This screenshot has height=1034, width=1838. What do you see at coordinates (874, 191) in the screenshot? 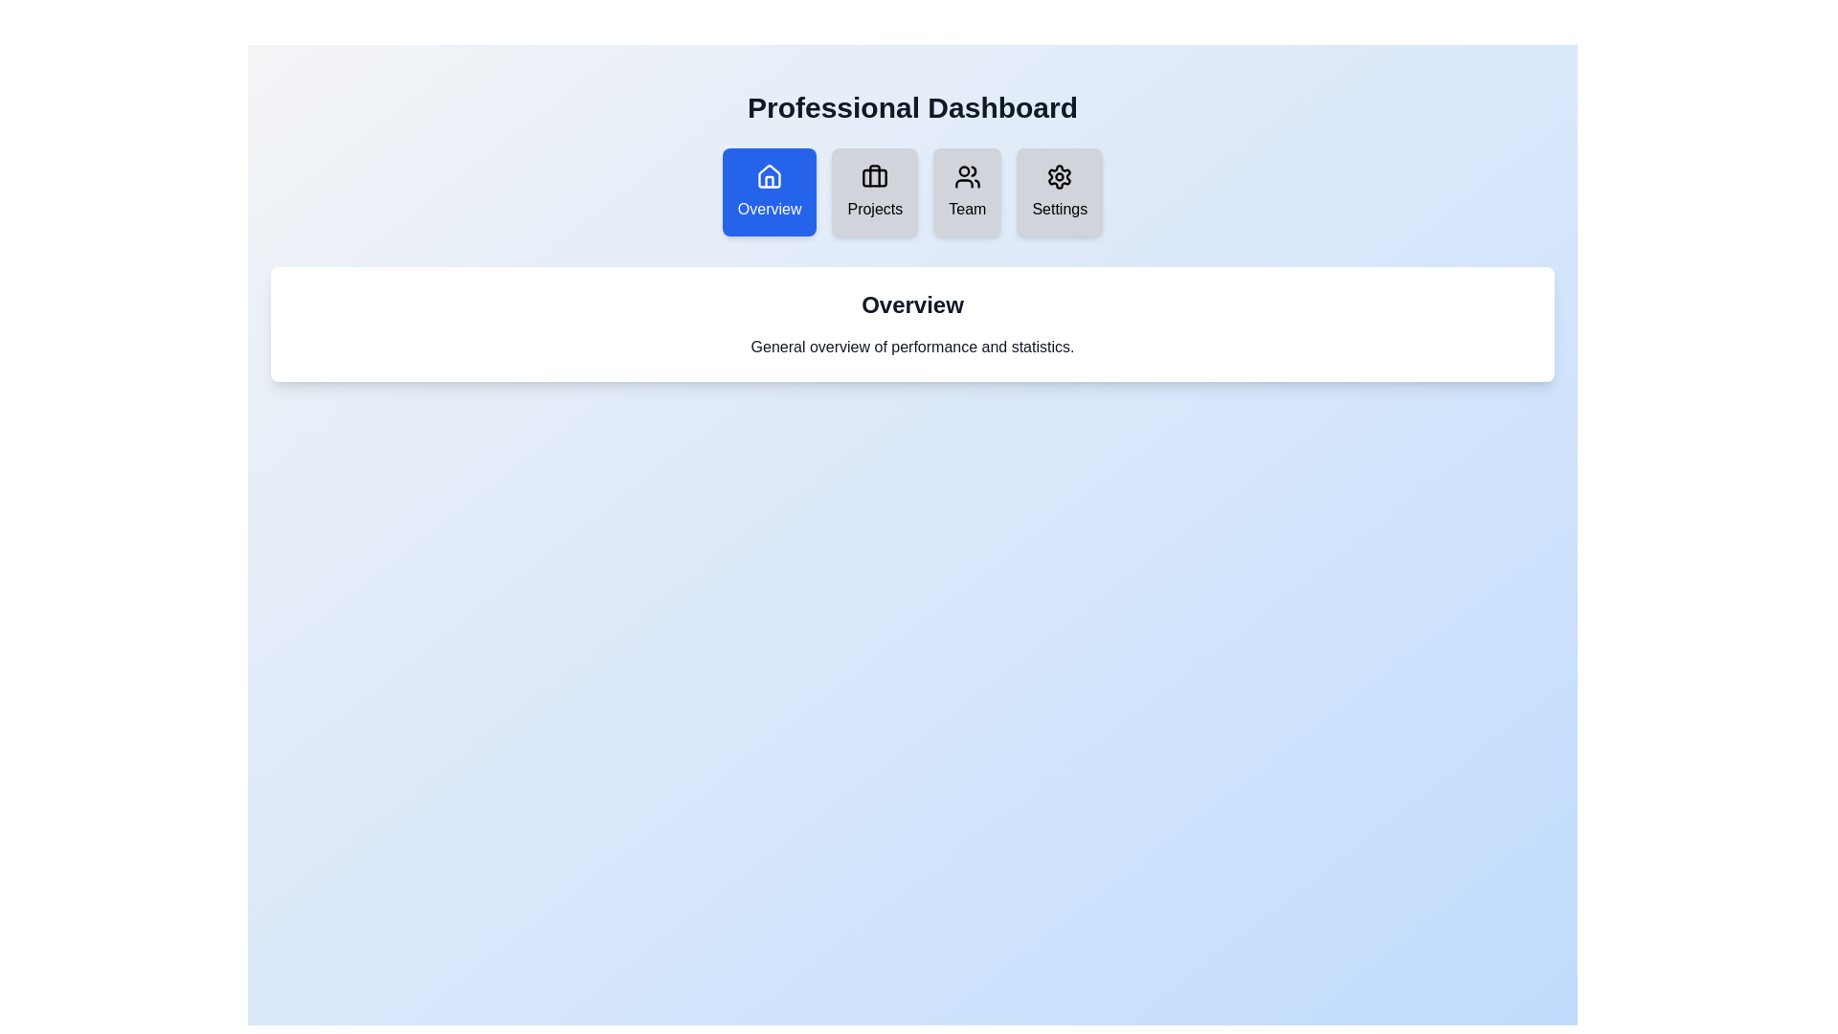
I see `the Projects tab by clicking on it` at bounding box center [874, 191].